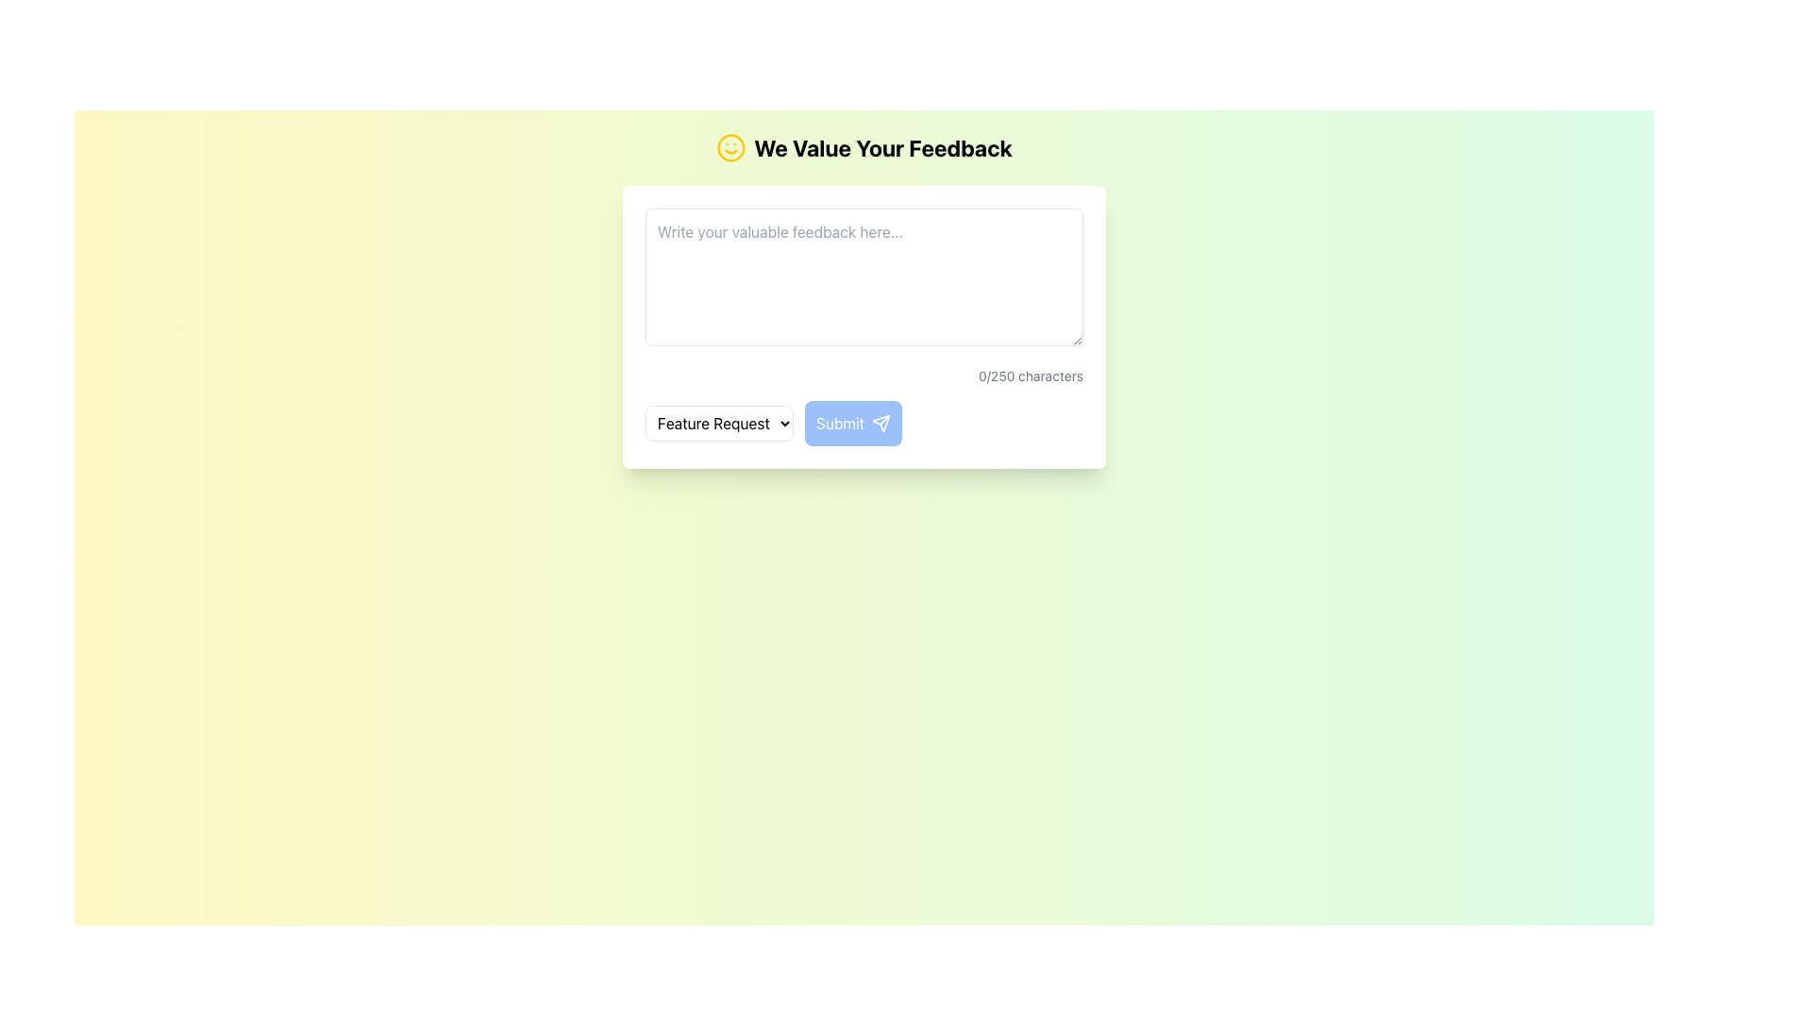  I want to click on the 'Submit' button by navigating to the SVG paper airplane icon using keyboard navigation, which is located to the right of the button text, so click(881, 422).